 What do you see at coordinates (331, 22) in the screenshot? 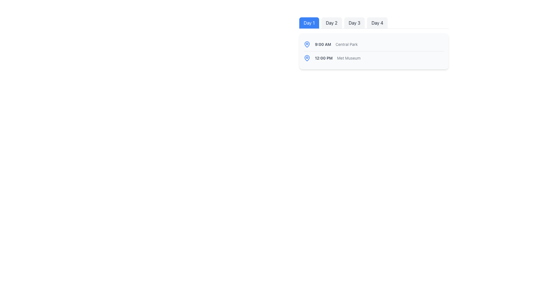
I see `the 'Day 2' tab, which is a rounded rectangular button with a light gray background and dark gray text, located in the top section of the interface` at bounding box center [331, 22].